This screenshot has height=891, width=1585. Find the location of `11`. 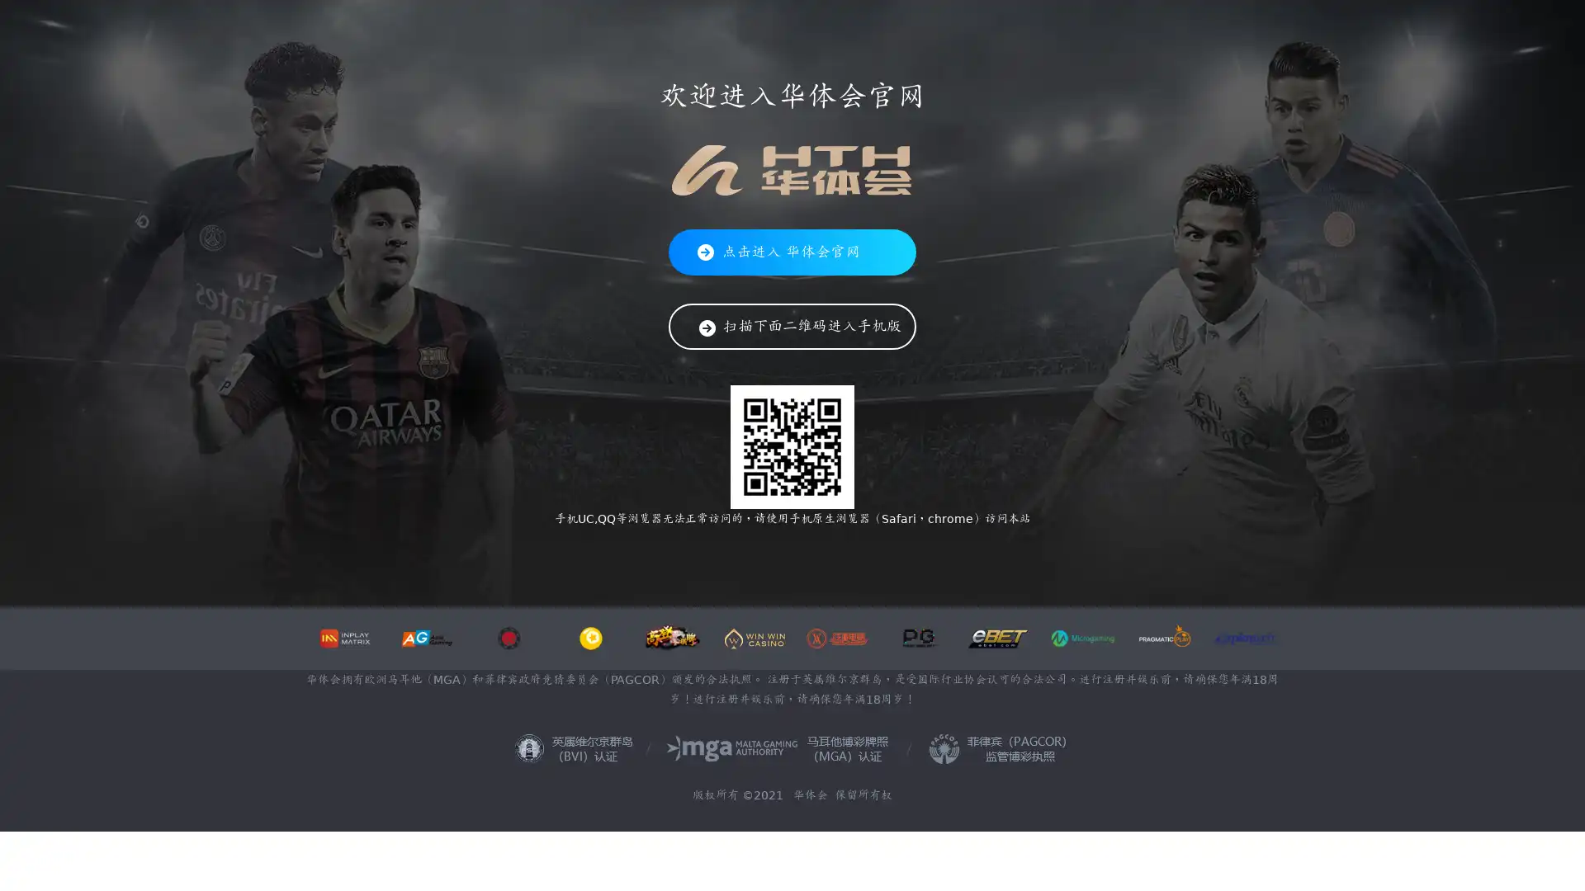

11 is located at coordinates (825, 549).